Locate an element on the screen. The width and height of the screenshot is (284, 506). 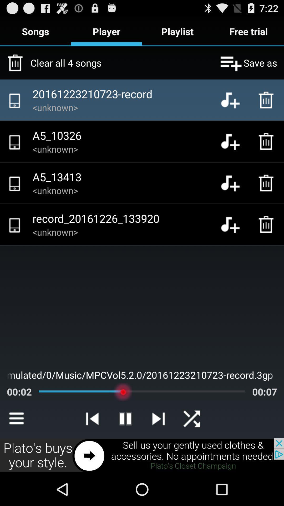
delete recording is located at coordinates (267, 142).